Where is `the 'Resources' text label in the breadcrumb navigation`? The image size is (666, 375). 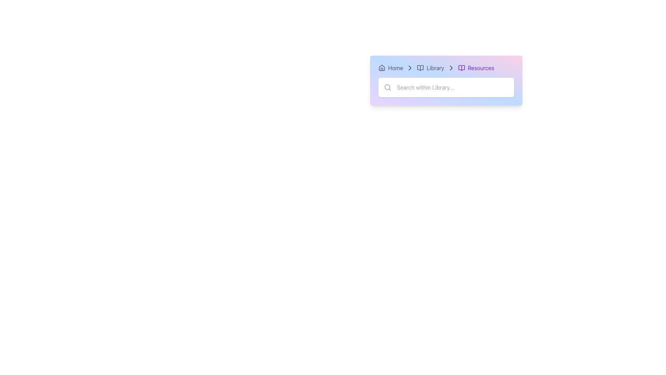 the 'Resources' text label in the breadcrumb navigation is located at coordinates (480, 68).